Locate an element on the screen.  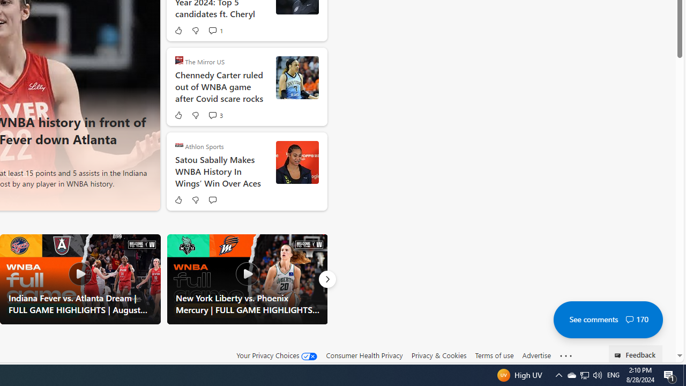
'Terms of use' is located at coordinates (494, 355).